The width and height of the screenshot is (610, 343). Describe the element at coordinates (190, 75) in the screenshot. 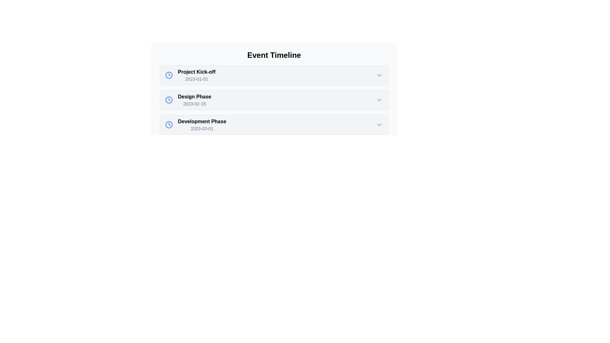

I see `the first timeline event item labeled 'Project Kick-off' with the date '2023-01-01' to focus or select it` at that location.